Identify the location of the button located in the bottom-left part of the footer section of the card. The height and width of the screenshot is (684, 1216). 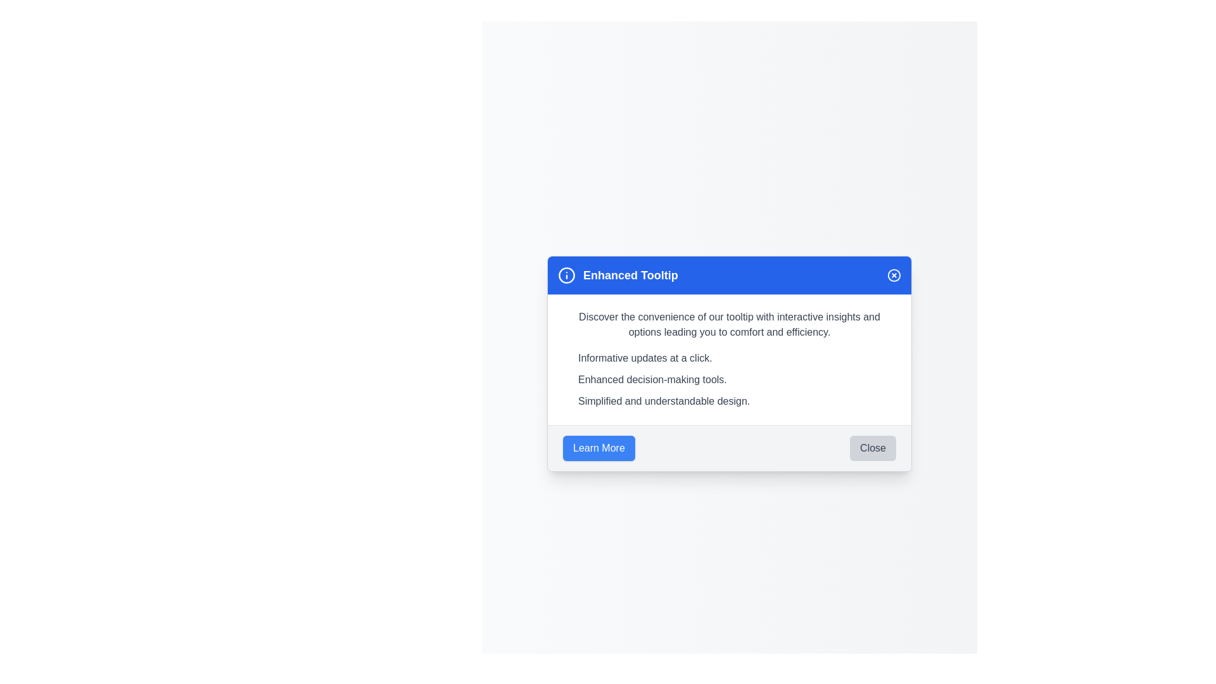
(598, 447).